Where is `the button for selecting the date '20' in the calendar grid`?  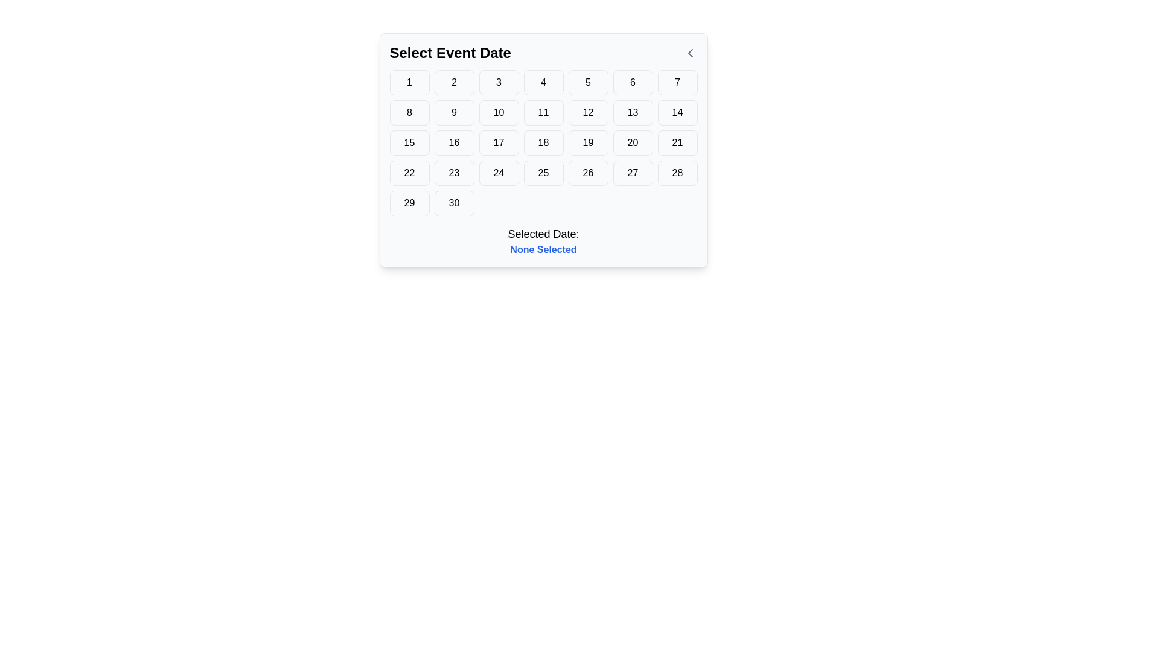
the button for selecting the date '20' in the calendar grid is located at coordinates (632, 142).